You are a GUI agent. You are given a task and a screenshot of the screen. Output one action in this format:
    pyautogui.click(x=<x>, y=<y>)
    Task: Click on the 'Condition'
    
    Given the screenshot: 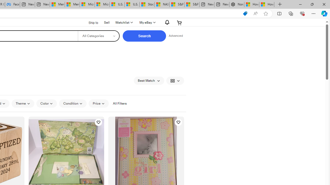 What is the action you would take?
    pyautogui.click(x=72, y=104)
    